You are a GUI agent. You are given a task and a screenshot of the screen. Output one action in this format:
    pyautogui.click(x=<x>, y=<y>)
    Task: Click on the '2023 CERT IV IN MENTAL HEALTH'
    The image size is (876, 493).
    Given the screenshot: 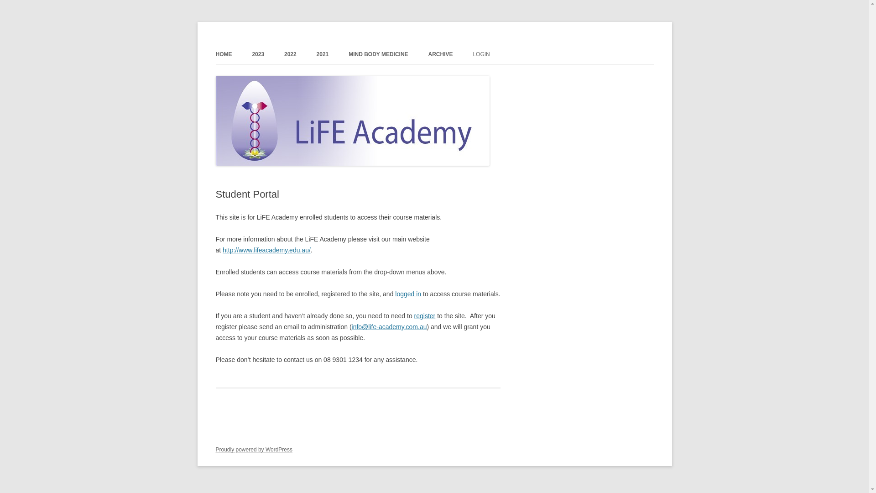 What is the action you would take?
    pyautogui.click(x=297, y=73)
    